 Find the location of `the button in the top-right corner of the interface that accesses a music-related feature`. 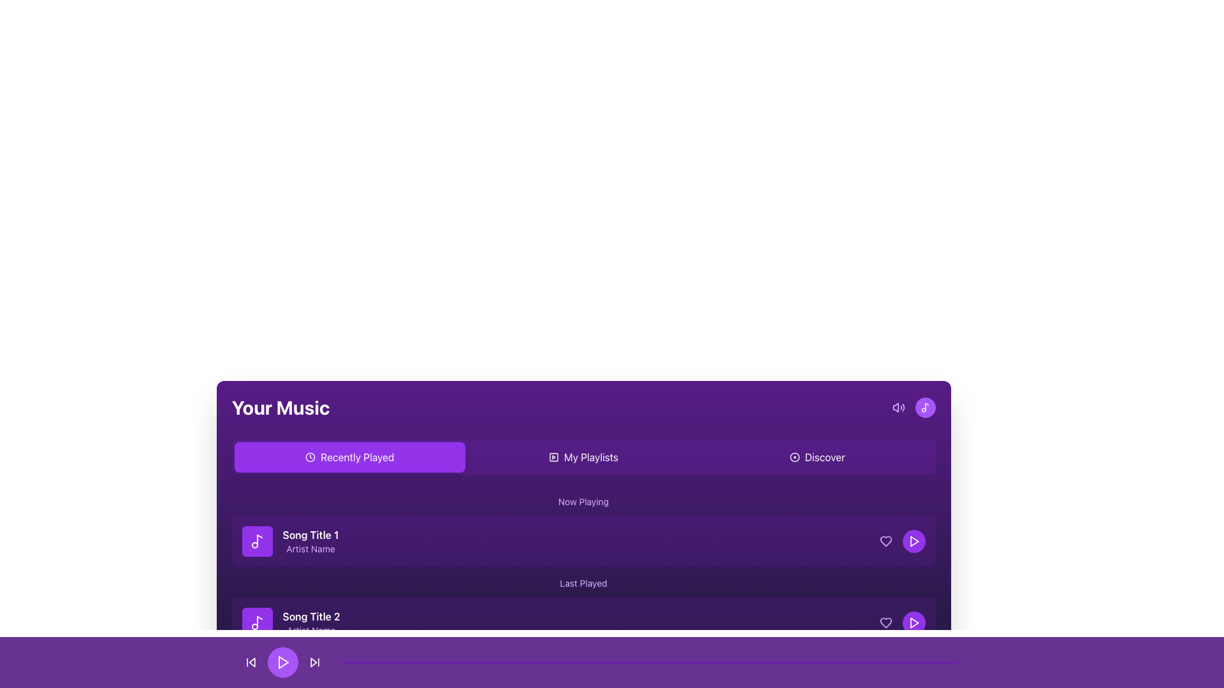

the button in the top-right corner of the interface that accesses a music-related feature is located at coordinates (925, 408).